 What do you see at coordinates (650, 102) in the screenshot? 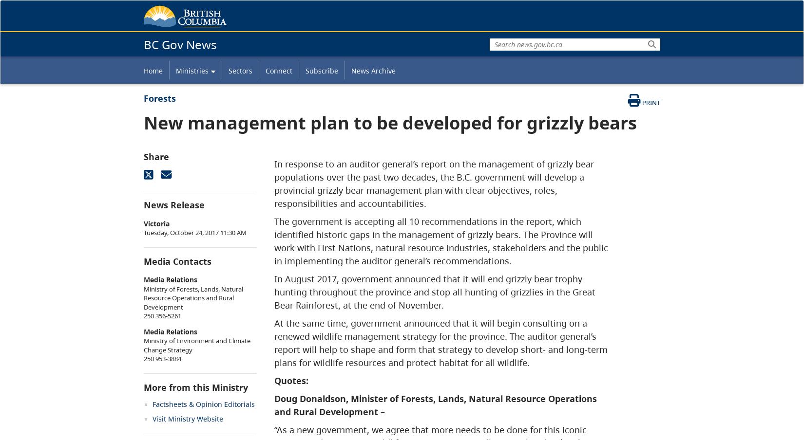
I see `'Print'` at bounding box center [650, 102].